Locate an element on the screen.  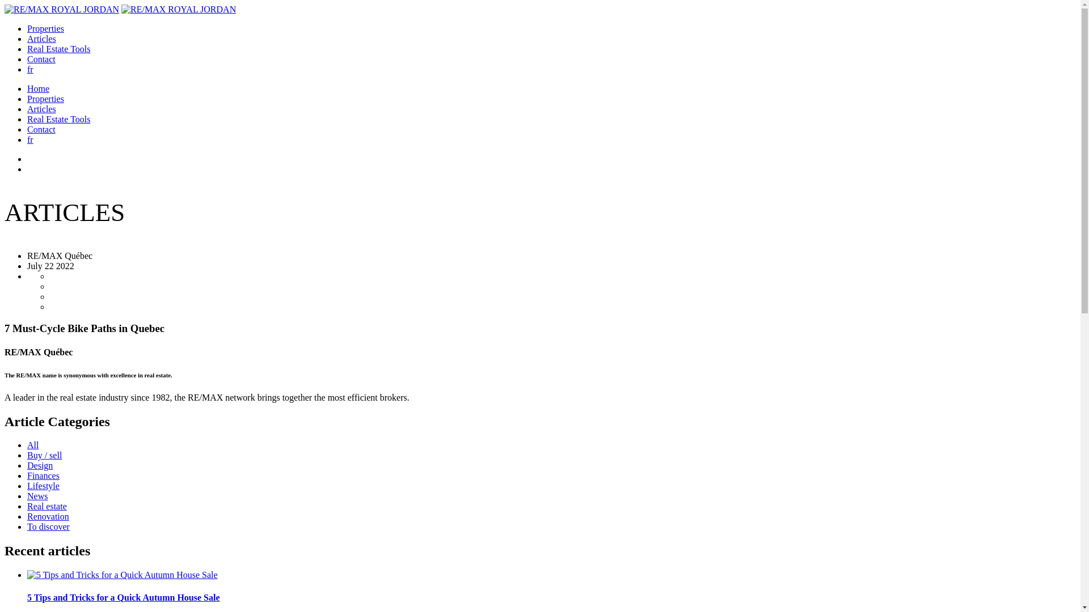
'Design' is located at coordinates (40, 465).